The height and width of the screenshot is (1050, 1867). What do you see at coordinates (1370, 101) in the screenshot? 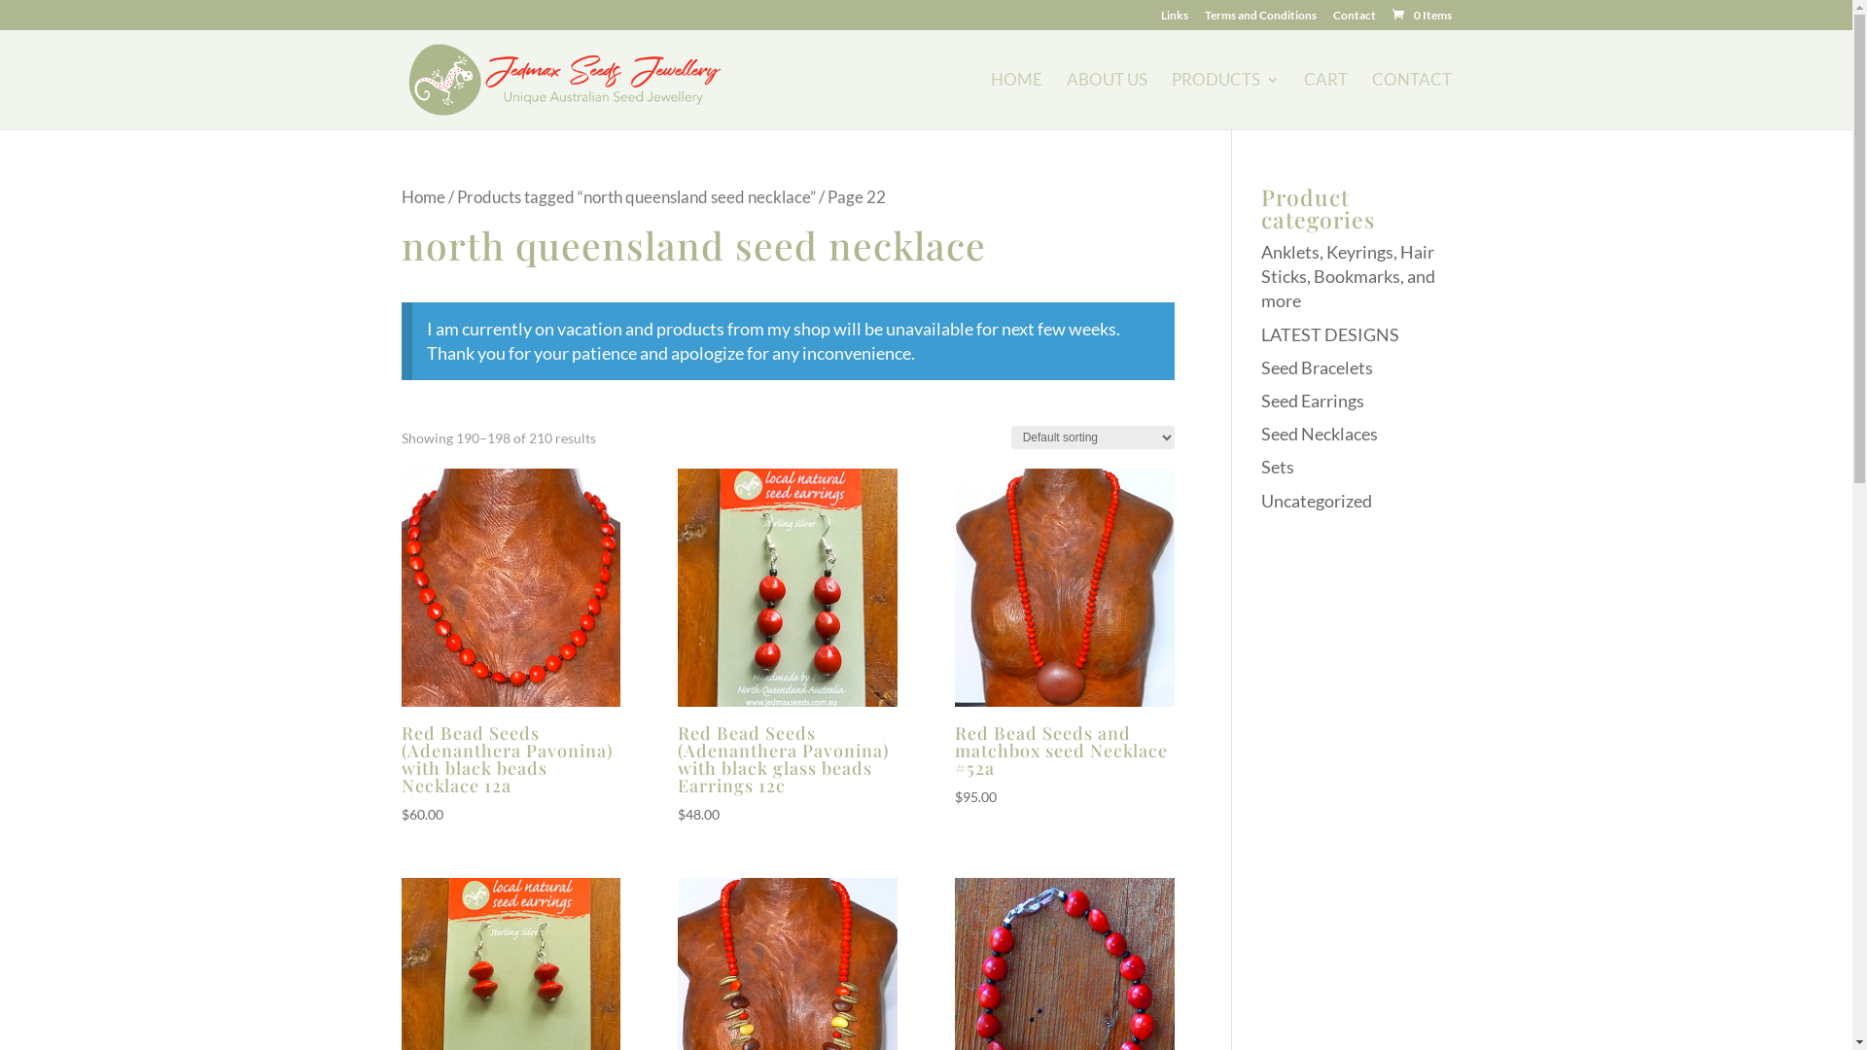
I see `'CONTACT'` at bounding box center [1370, 101].